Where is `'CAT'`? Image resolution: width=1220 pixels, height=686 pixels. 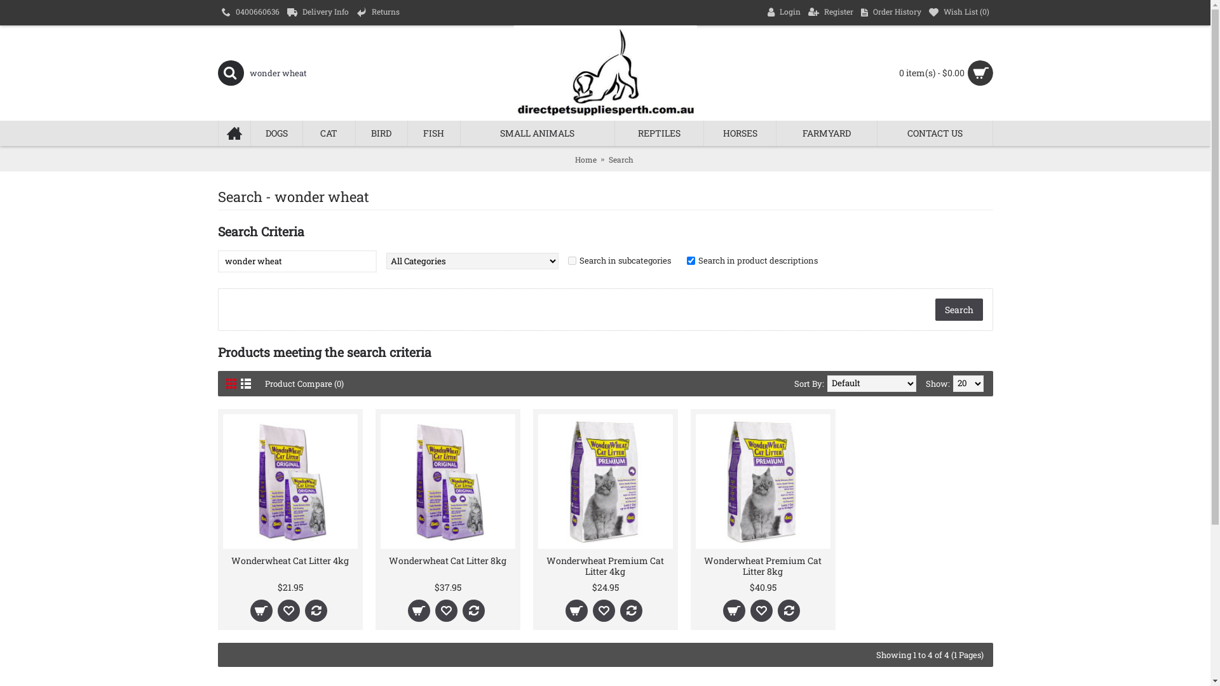
'CAT' is located at coordinates (329, 133).